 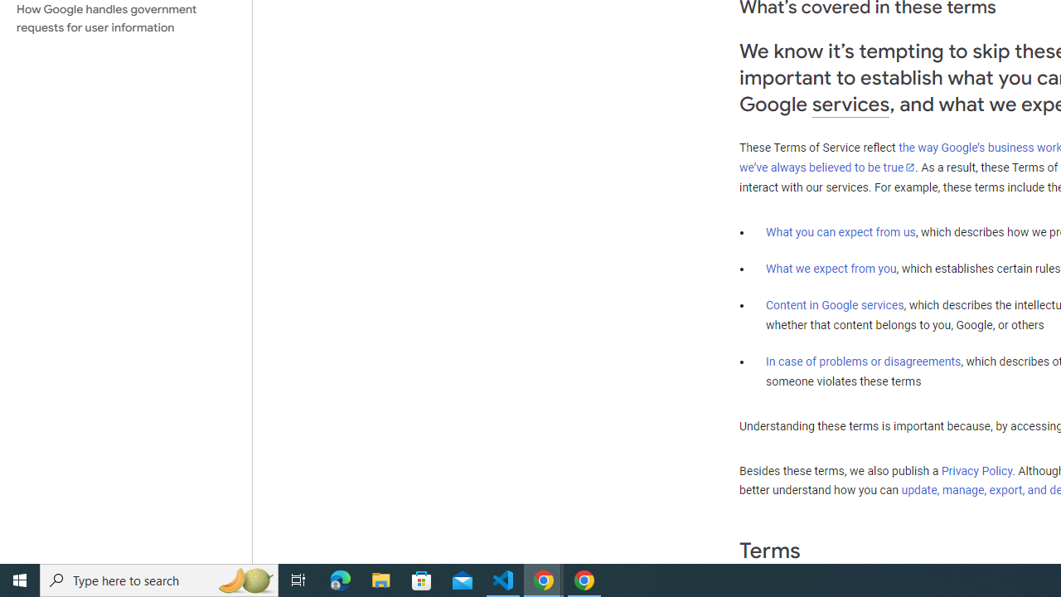 I want to click on 'Content in Google services', so click(x=835, y=305).